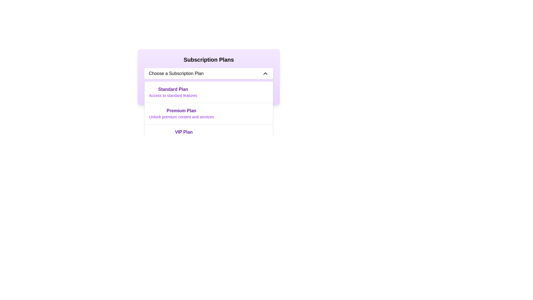  I want to click on the 'Standard Plan' list option displayed in bold purple color, located in the dropdown menu under 'Choose a Subscription Plan', so click(208, 92).